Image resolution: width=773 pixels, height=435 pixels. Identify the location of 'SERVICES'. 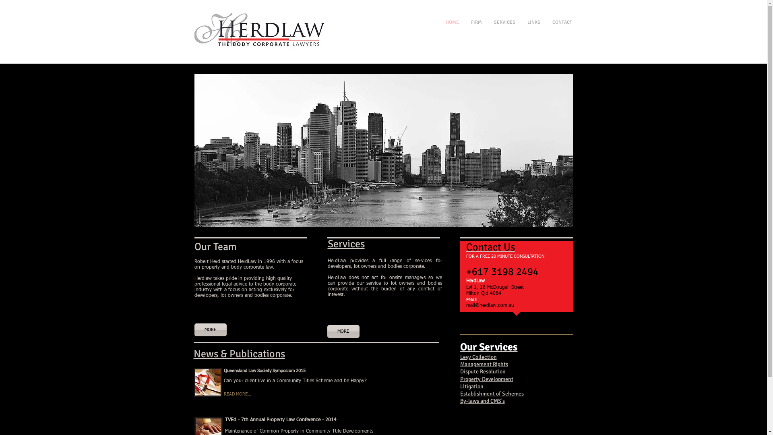
(512, 22).